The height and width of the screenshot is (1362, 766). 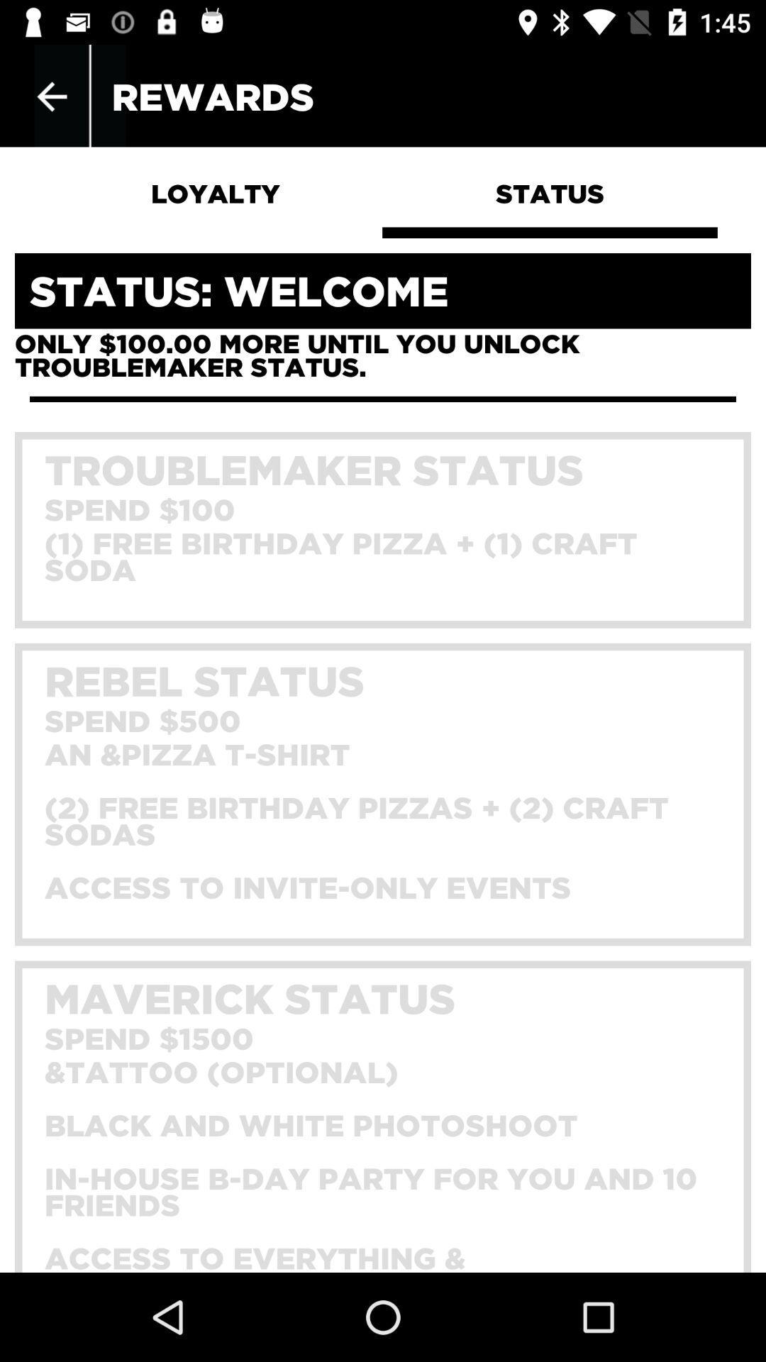 I want to click on icon above status: welcome item, so click(x=51, y=96).